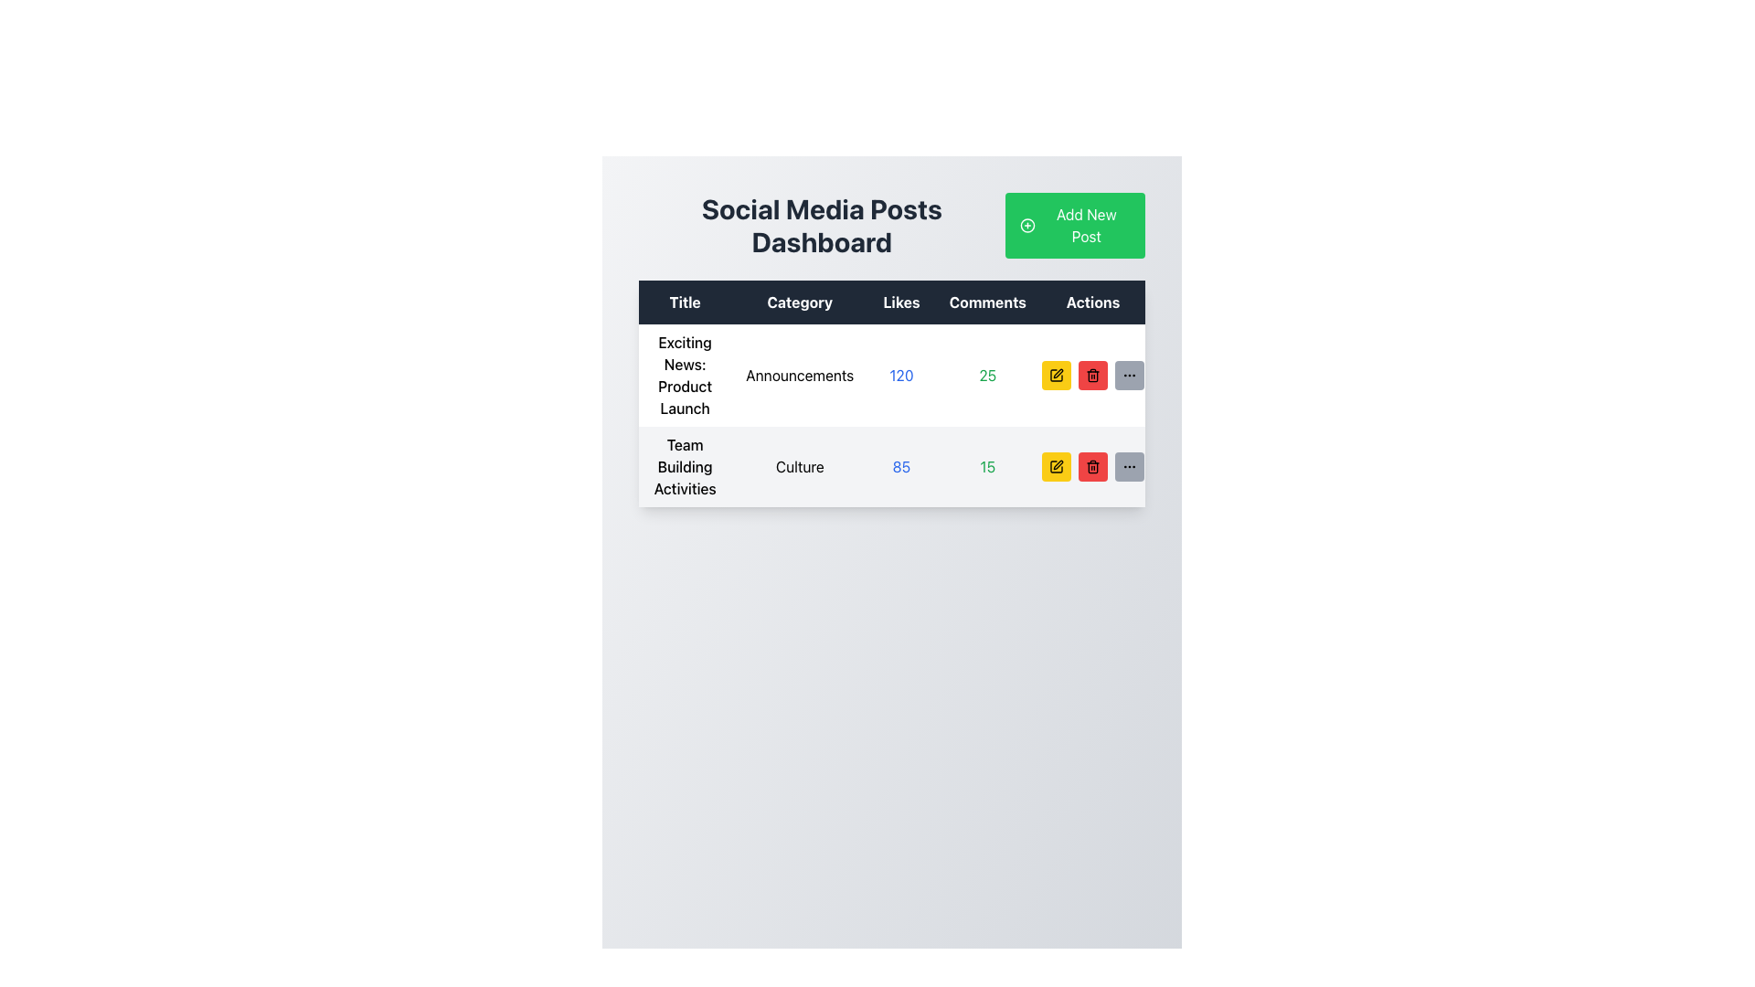 This screenshot has height=987, width=1755. I want to click on the delete icon in the Actions column of the table, located in the second row, so click(1092, 465).